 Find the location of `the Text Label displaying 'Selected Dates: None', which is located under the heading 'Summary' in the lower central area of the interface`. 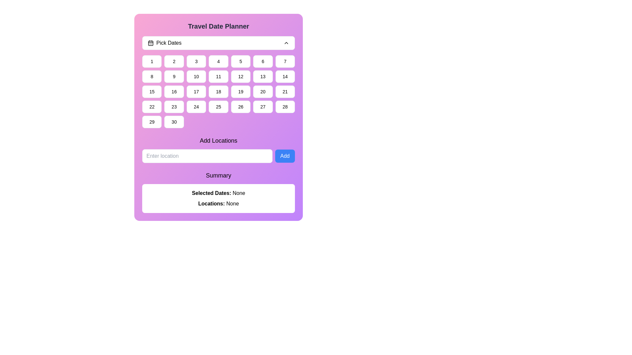

the Text Label displaying 'Selected Dates: None', which is located under the heading 'Summary' in the lower central area of the interface is located at coordinates (218, 193).